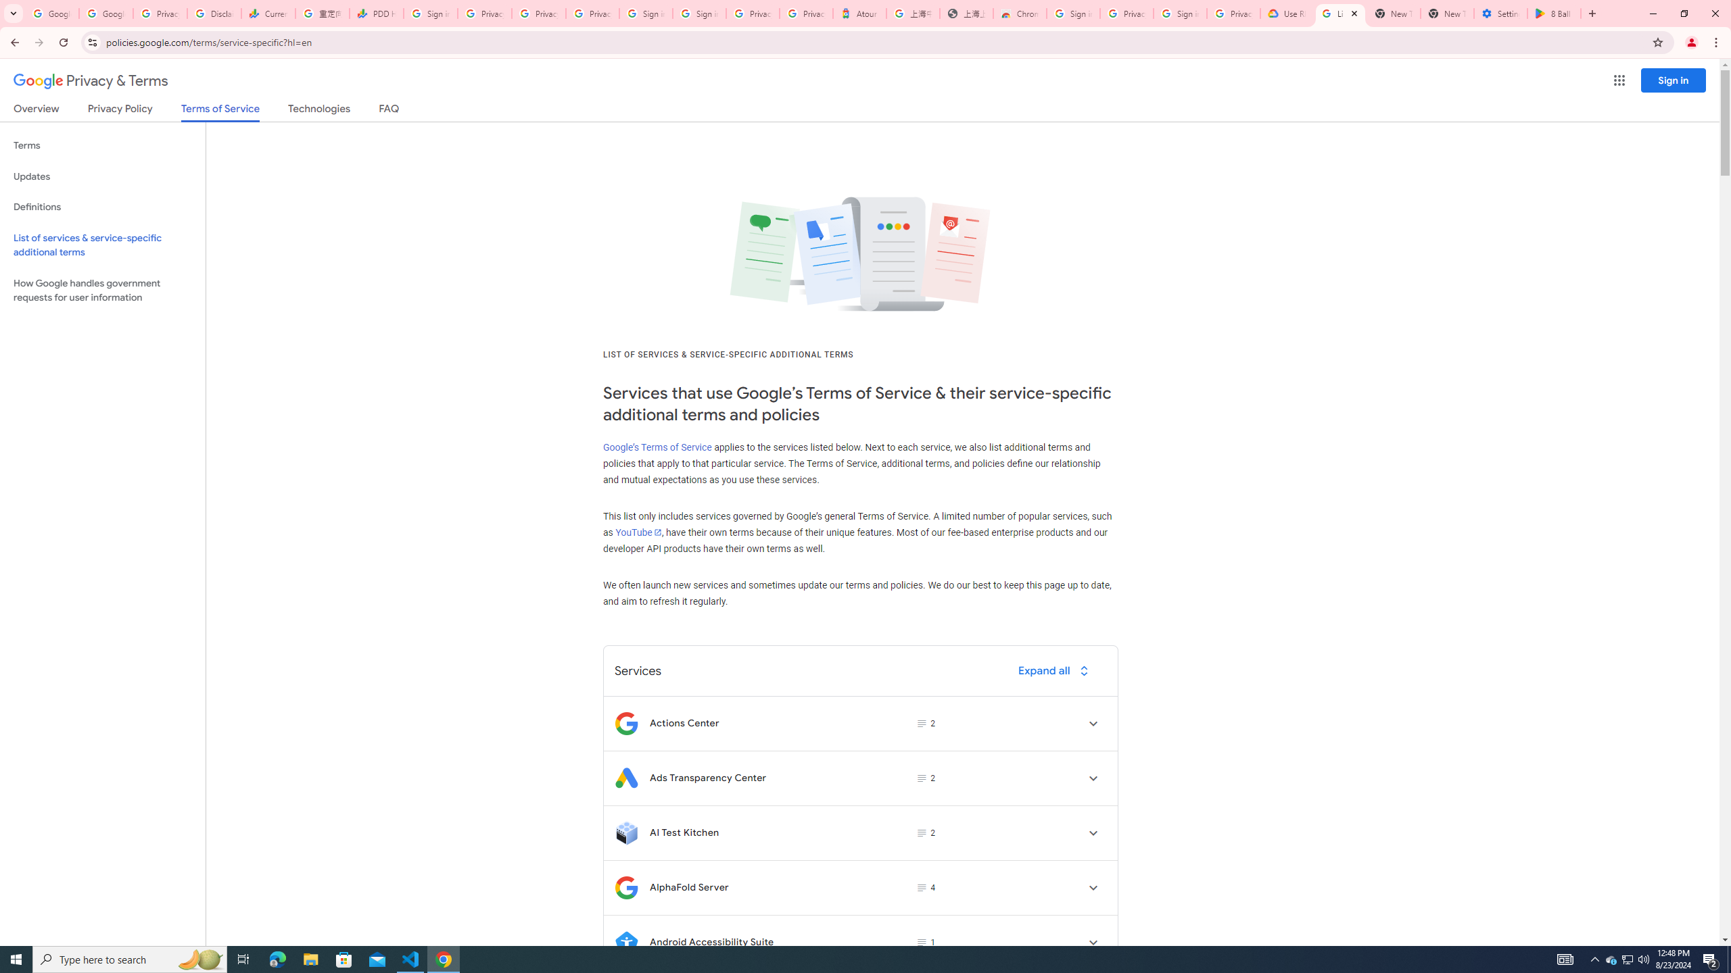 The image size is (1731, 973). What do you see at coordinates (699, 13) in the screenshot?
I see `'Sign in - Google Accounts'` at bounding box center [699, 13].